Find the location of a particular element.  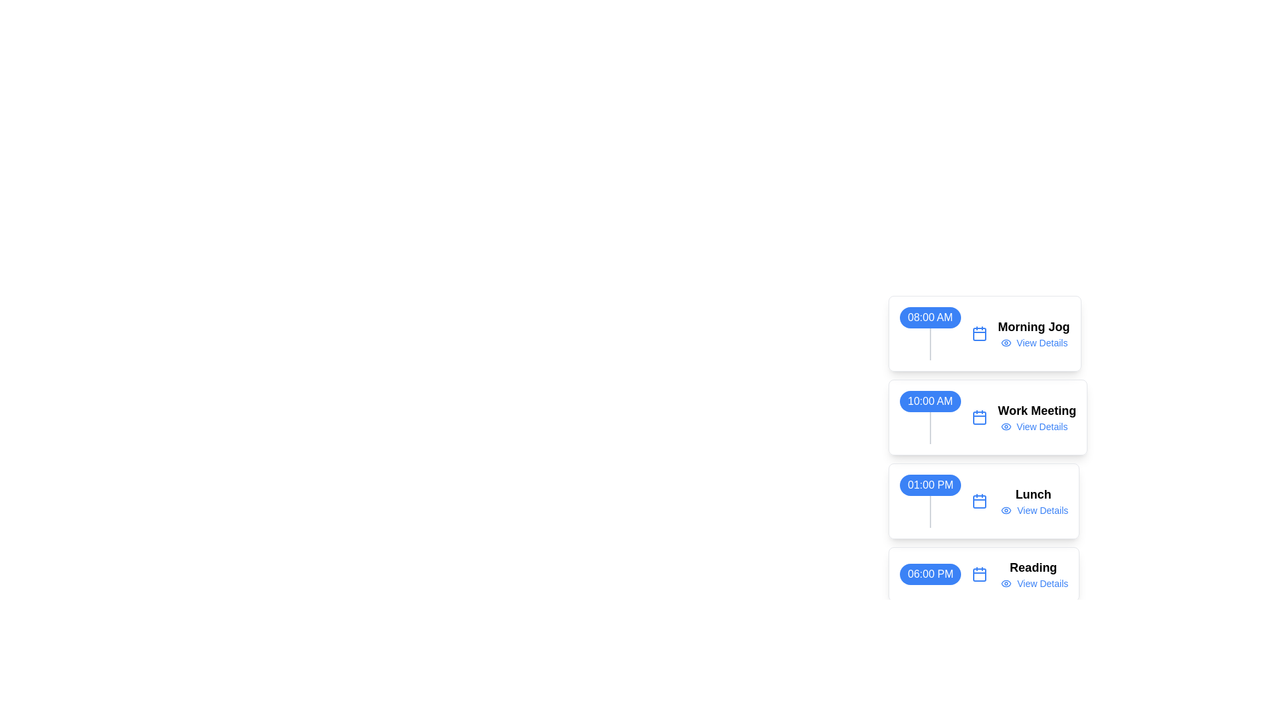

the inner rectangle component of the 'lucide calendar' icon that represents the '06:00 PM Reading' event is located at coordinates (980, 574).